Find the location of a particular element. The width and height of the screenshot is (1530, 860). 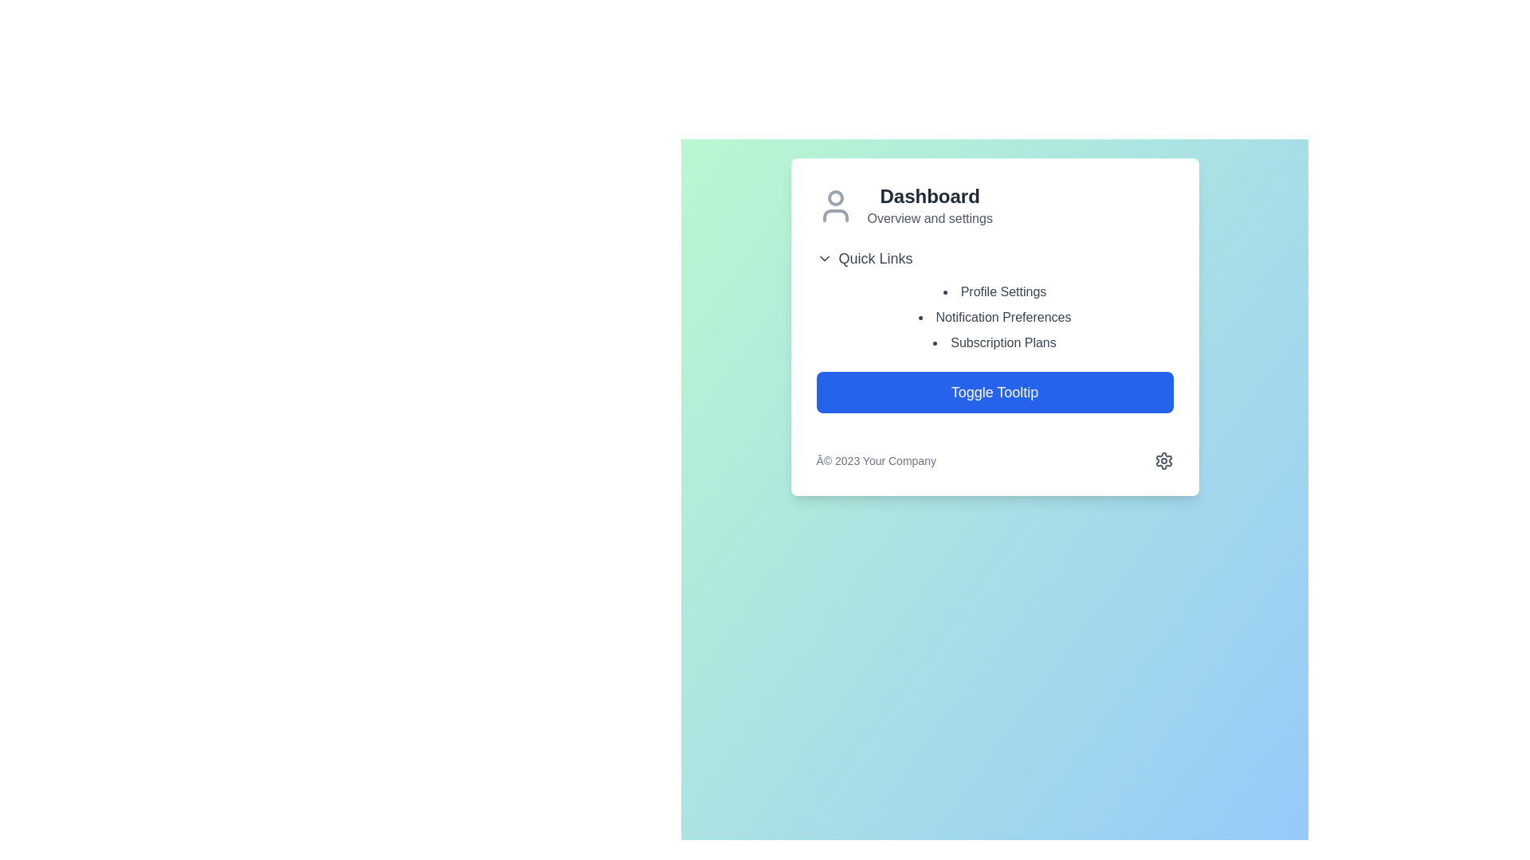

the 'Notification Preferences' text label, which is the second item in the 'Quick Links' list, to associate it with its functional context is located at coordinates (994, 317).